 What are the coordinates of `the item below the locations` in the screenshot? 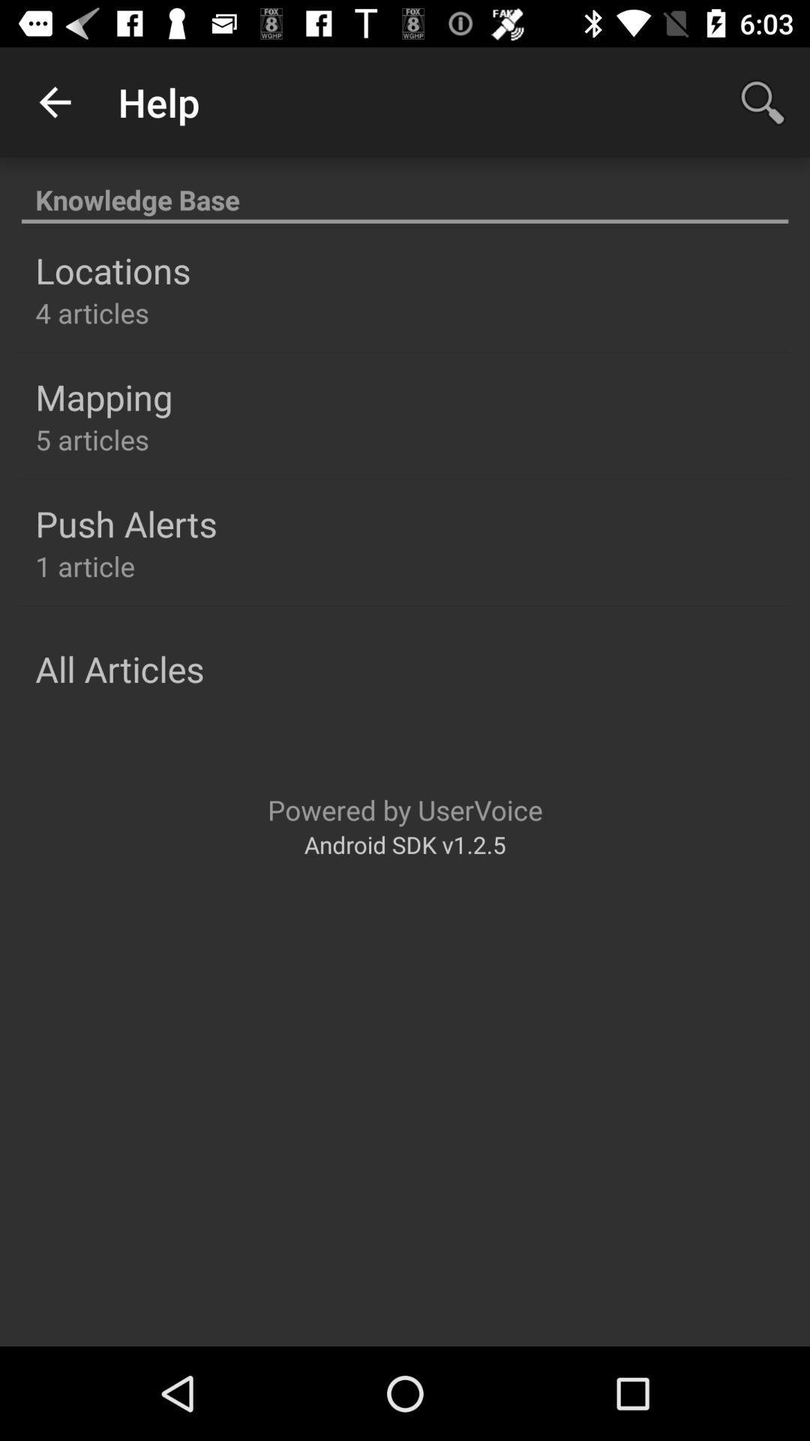 It's located at (92, 312).